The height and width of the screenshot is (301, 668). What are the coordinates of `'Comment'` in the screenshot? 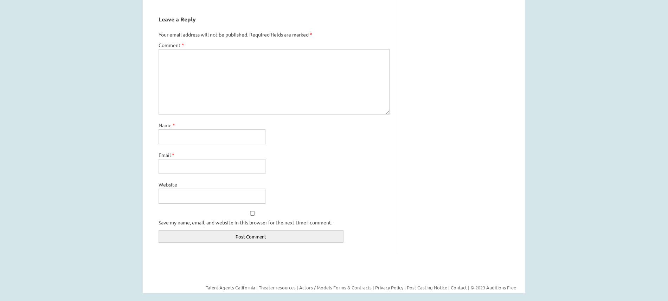 It's located at (169, 44).